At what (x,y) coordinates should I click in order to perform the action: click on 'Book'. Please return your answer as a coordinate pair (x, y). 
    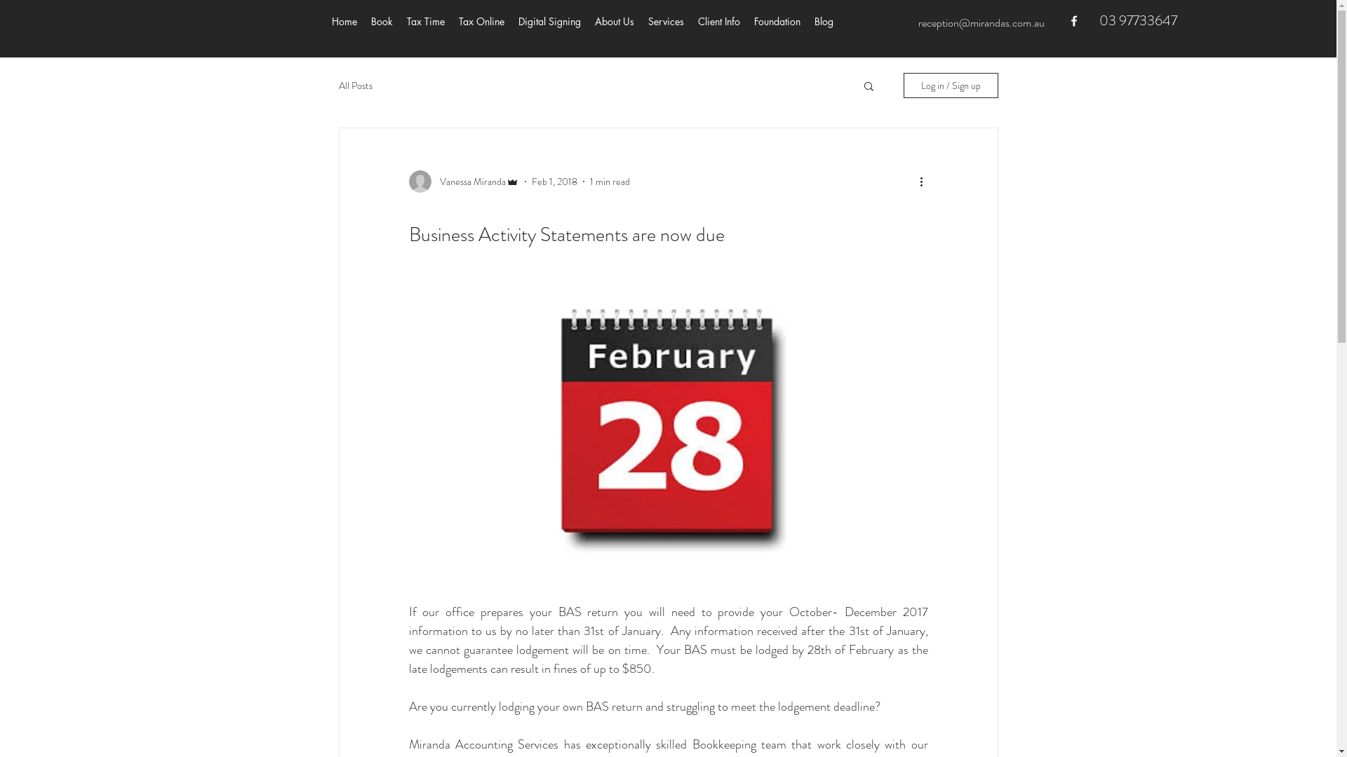
    Looking at the image, I should click on (381, 21).